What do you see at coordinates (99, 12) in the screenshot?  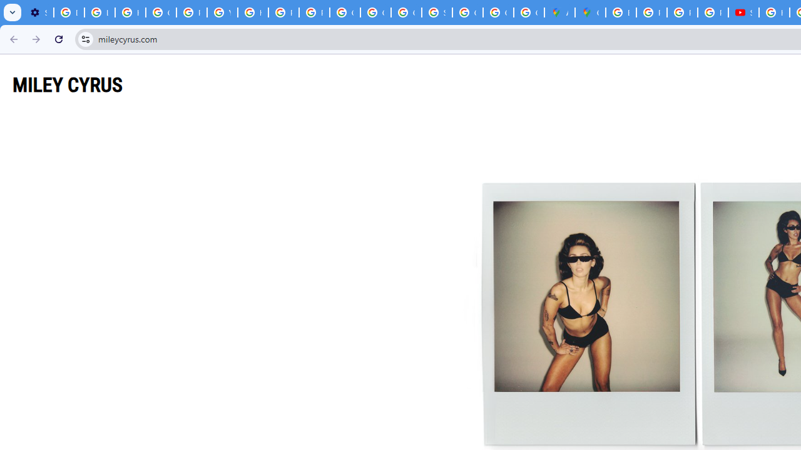 I see `'Learn how to find your photos - Google Photos Help'` at bounding box center [99, 12].